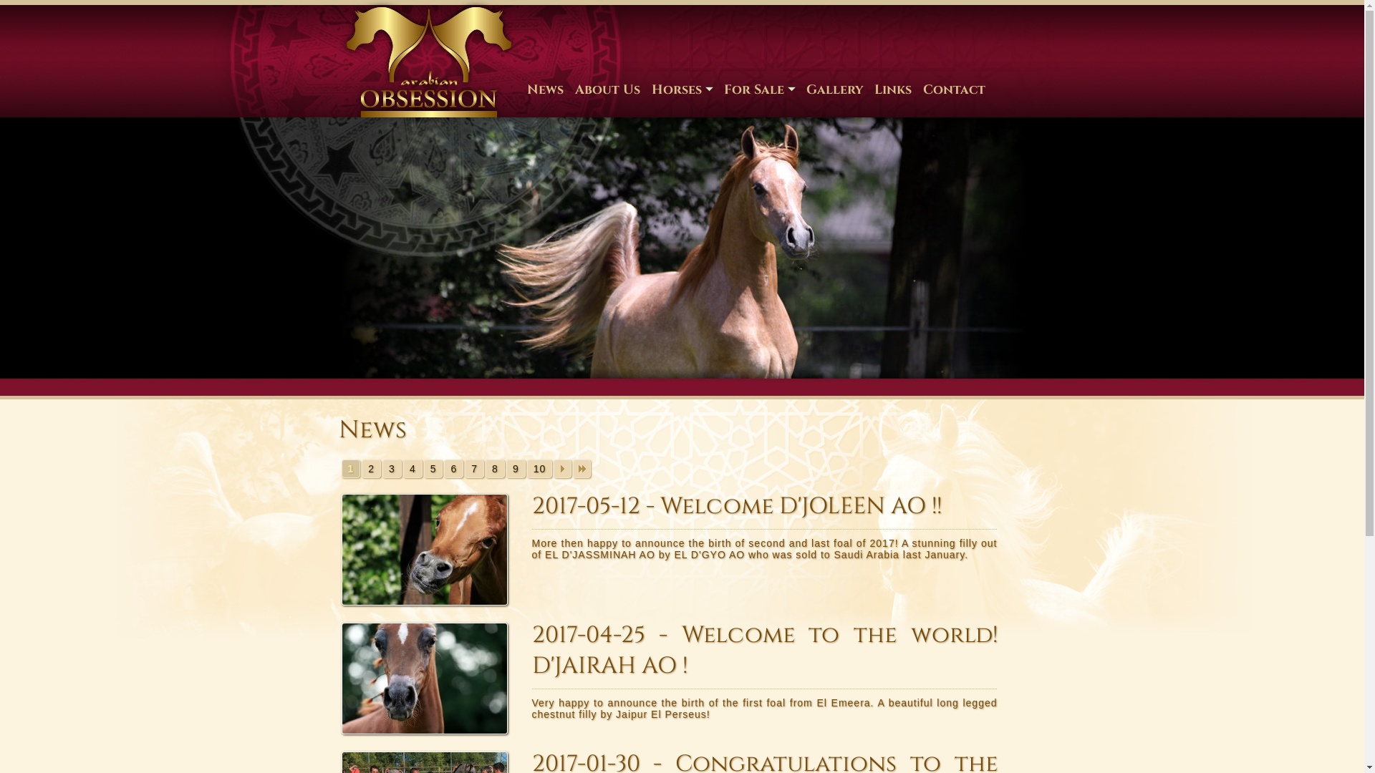  What do you see at coordinates (834, 89) in the screenshot?
I see `'Gallery'` at bounding box center [834, 89].